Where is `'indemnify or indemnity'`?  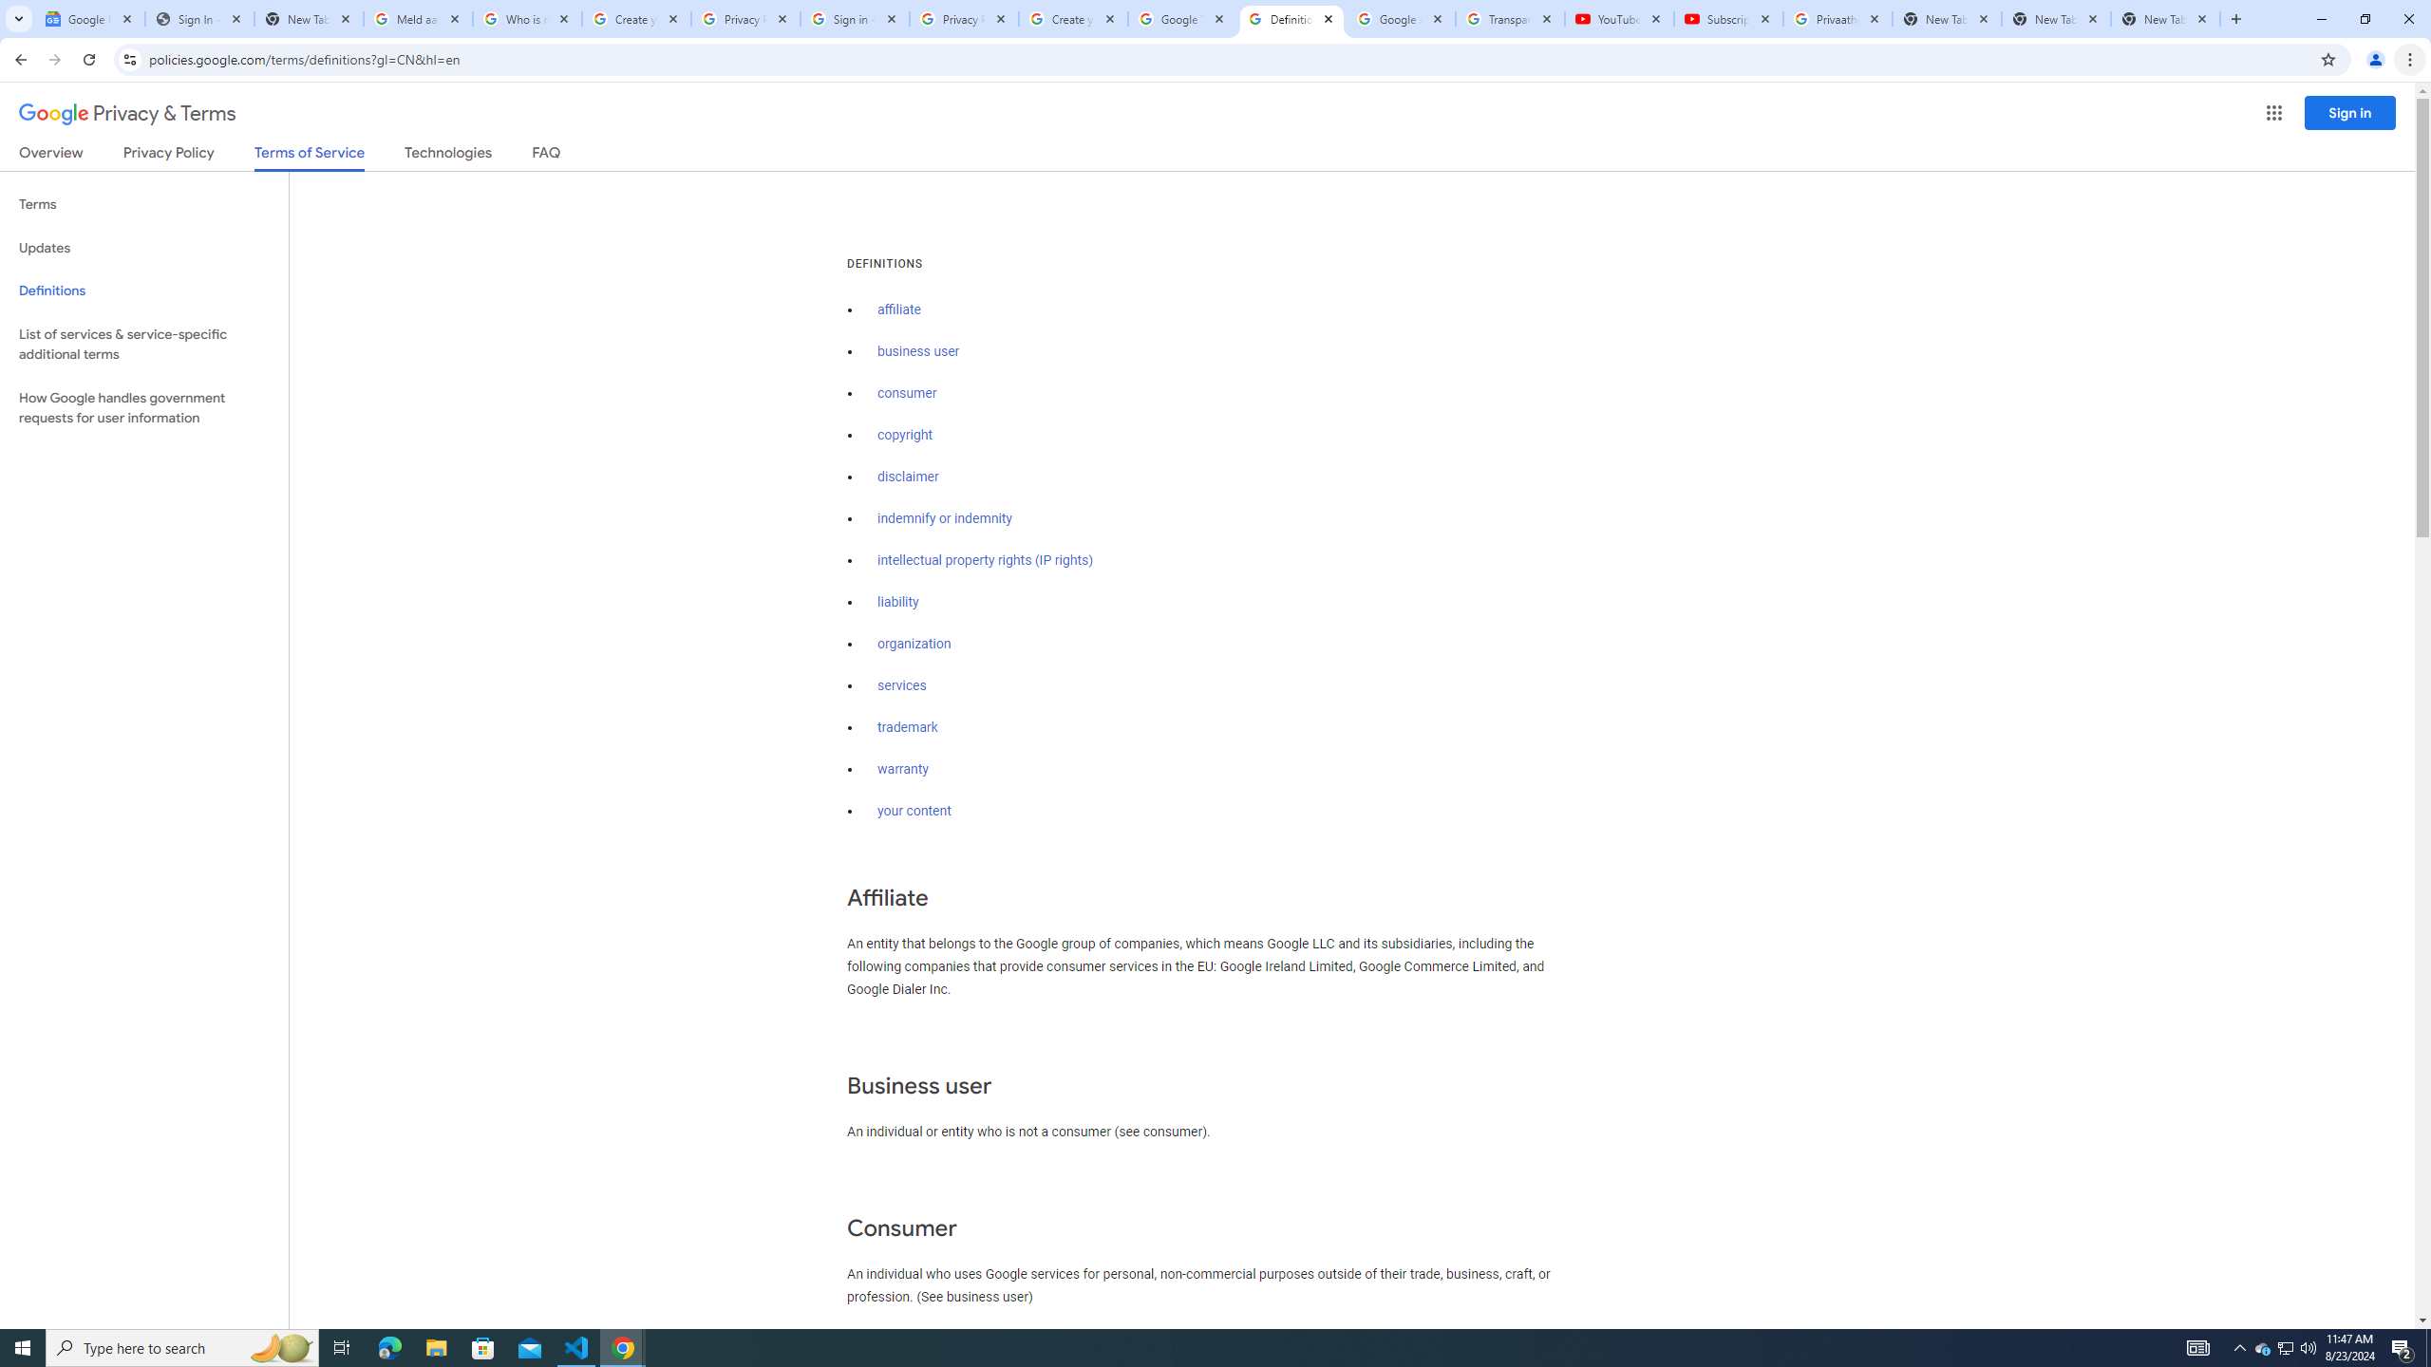
'indemnify or indemnity' is located at coordinates (944, 519).